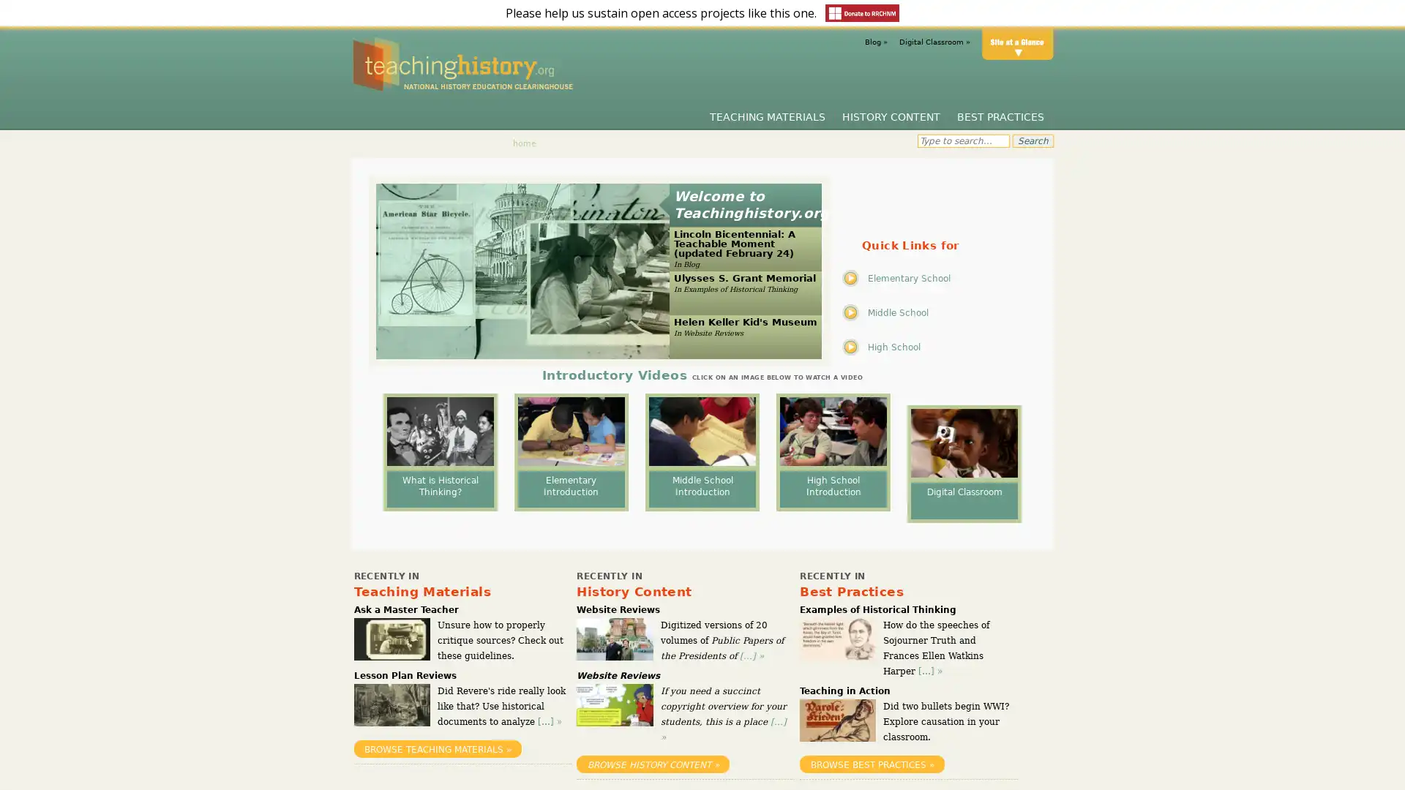  I want to click on Search, so click(1032, 140).